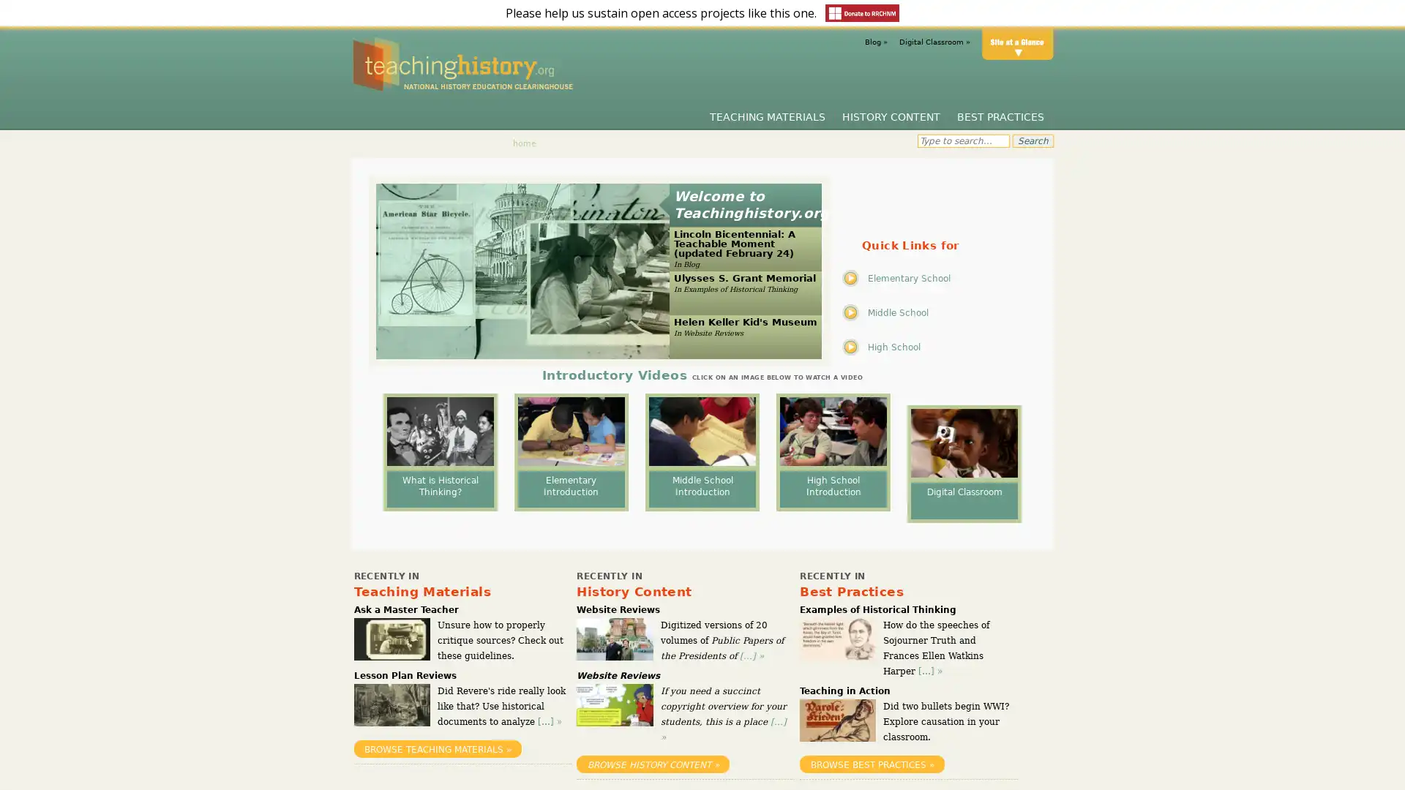  I want to click on Search, so click(1032, 140).